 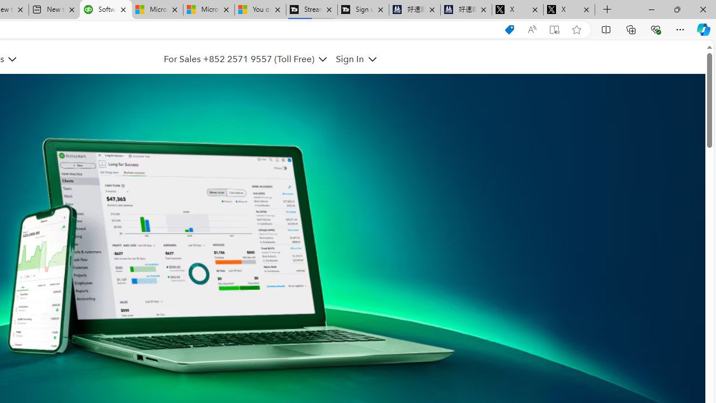 What do you see at coordinates (372, 59) in the screenshot?
I see `'Class: MenuItem_dDown__f585abf6 MenuItem_white__f585abf6'` at bounding box center [372, 59].